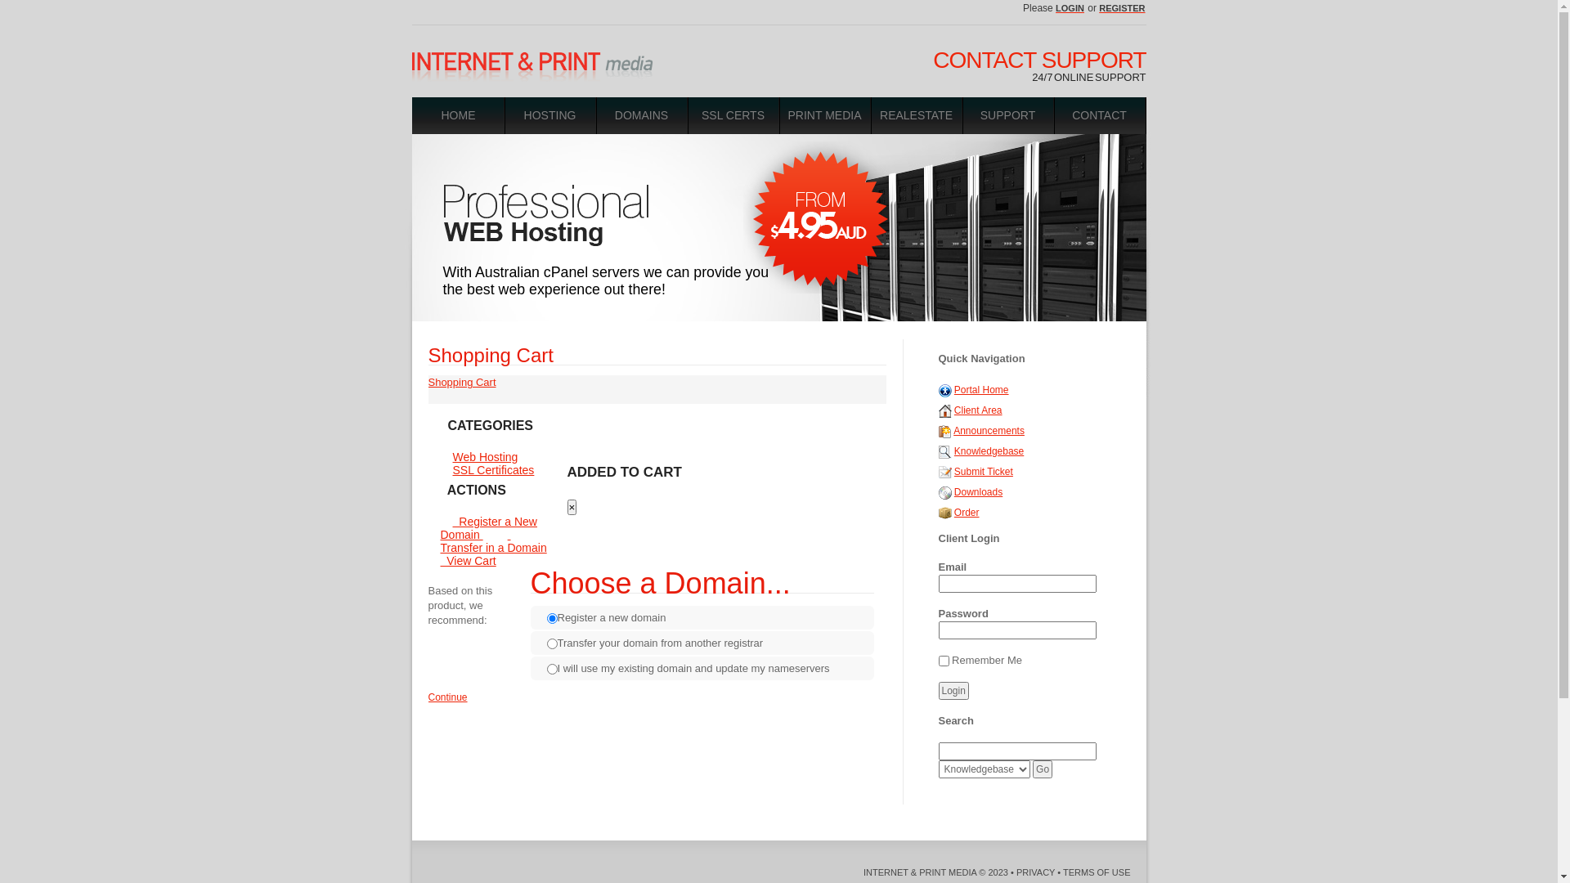 The image size is (1570, 883). I want to click on 'SUPPORT', so click(962, 114).